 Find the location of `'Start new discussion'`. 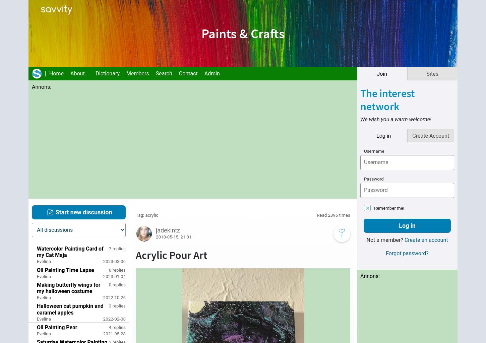

'Start new discussion' is located at coordinates (83, 212).